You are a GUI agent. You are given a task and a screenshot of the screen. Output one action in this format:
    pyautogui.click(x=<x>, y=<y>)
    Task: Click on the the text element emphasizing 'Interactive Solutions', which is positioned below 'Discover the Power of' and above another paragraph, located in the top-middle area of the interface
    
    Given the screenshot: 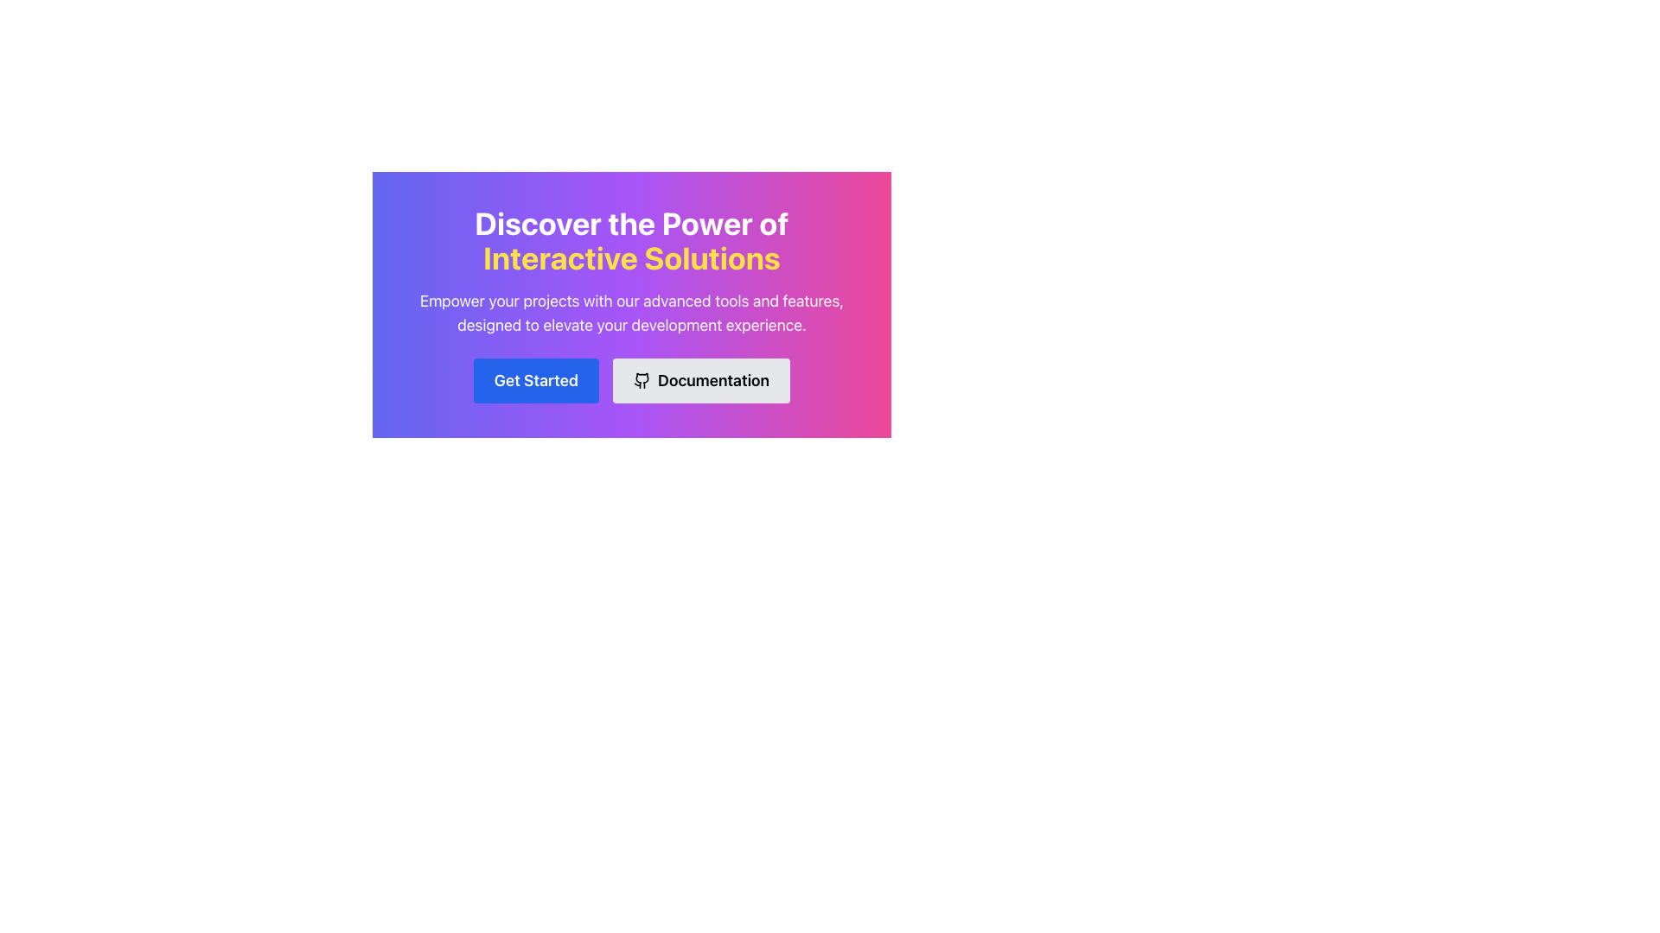 What is the action you would take?
    pyautogui.click(x=630, y=257)
    